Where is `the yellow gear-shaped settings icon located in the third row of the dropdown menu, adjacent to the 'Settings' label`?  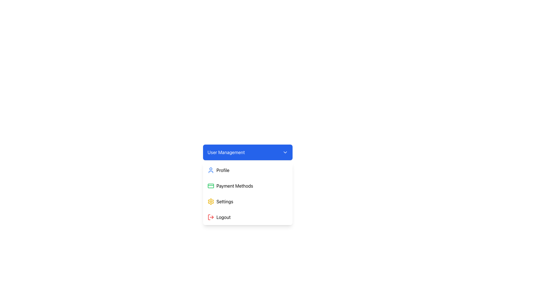
the yellow gear-shaped settings icon located in the third row of the dropdown menu, adjacent to the 'Settings' label is located at coordinates (210, 202).